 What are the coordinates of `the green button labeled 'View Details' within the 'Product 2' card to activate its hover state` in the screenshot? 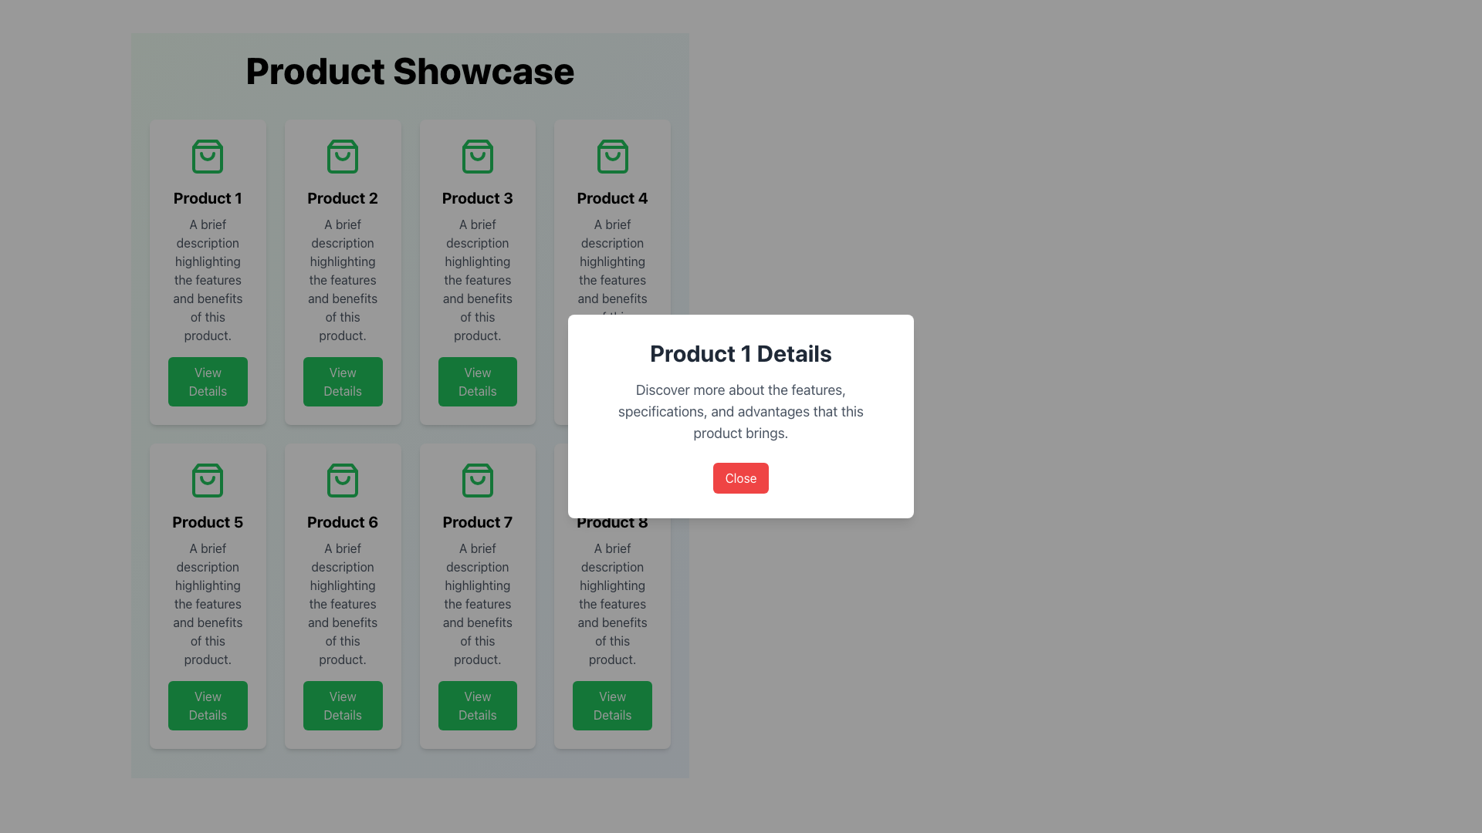 It's located at (342, 381).